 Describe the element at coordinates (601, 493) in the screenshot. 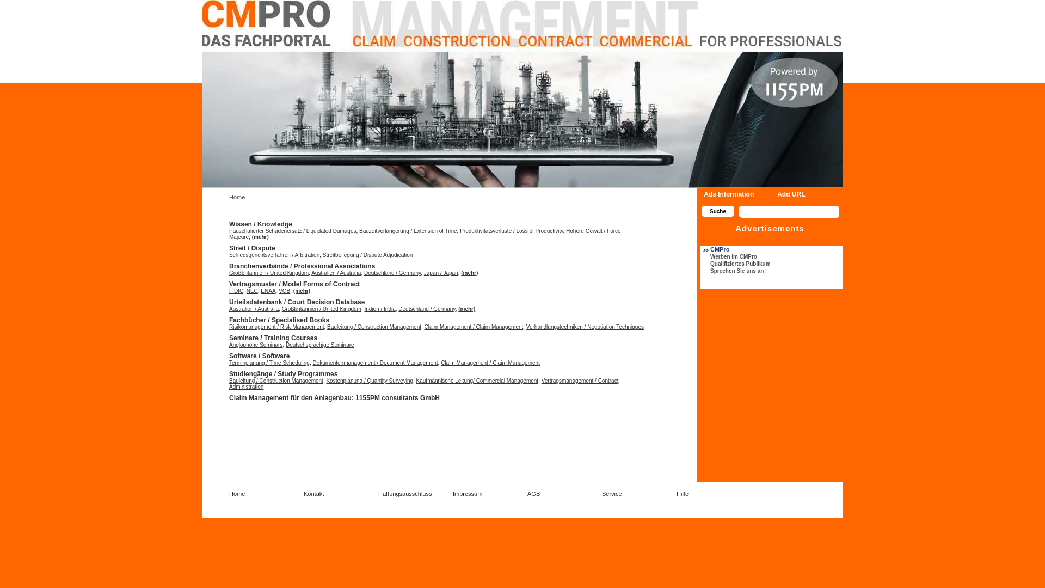

I see `'Service'` at that location.